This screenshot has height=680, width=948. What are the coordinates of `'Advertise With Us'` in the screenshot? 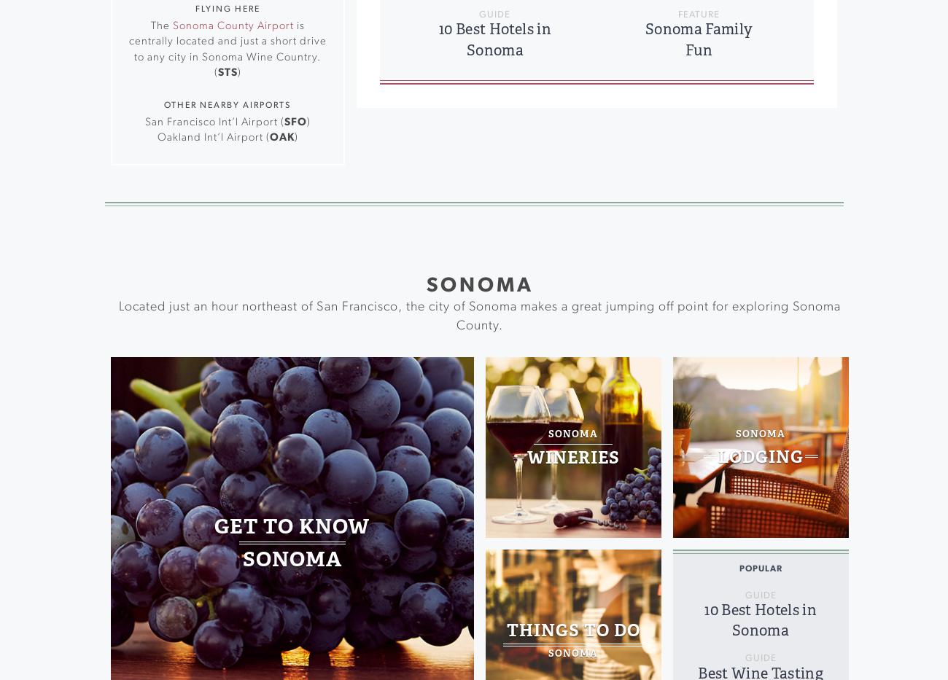 It's located at (557, 85).